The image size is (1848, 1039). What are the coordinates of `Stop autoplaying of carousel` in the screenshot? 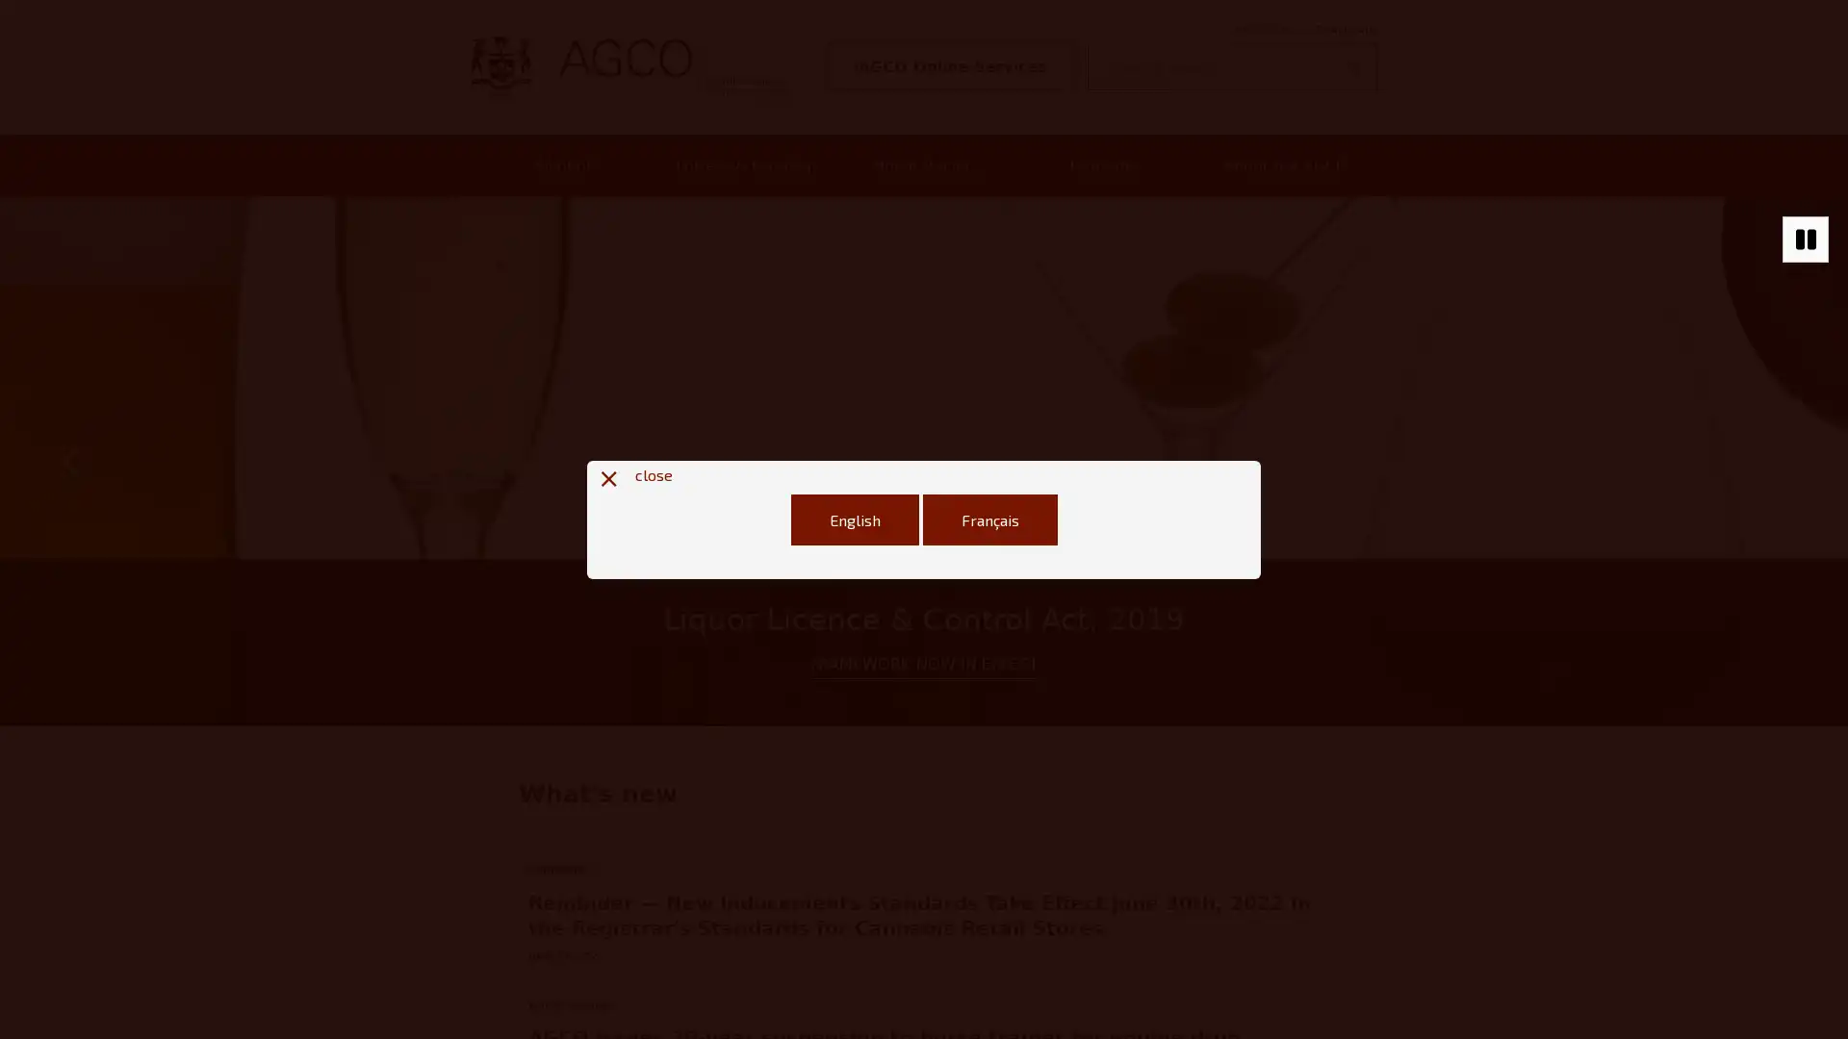 It's located at (1805, 239).